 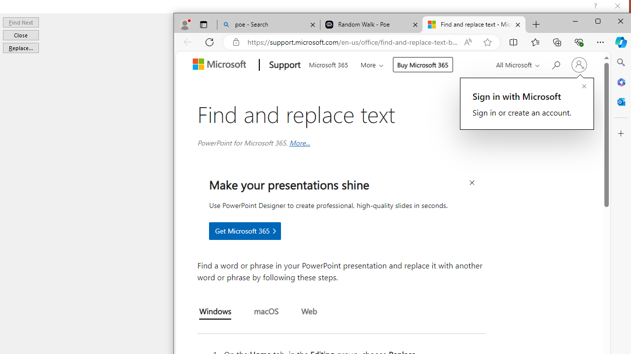 What do you see at coordinates (422, 64) in the screenshot?
I see `'Buy Microsoft 365'` at bounding box center [422, 64].